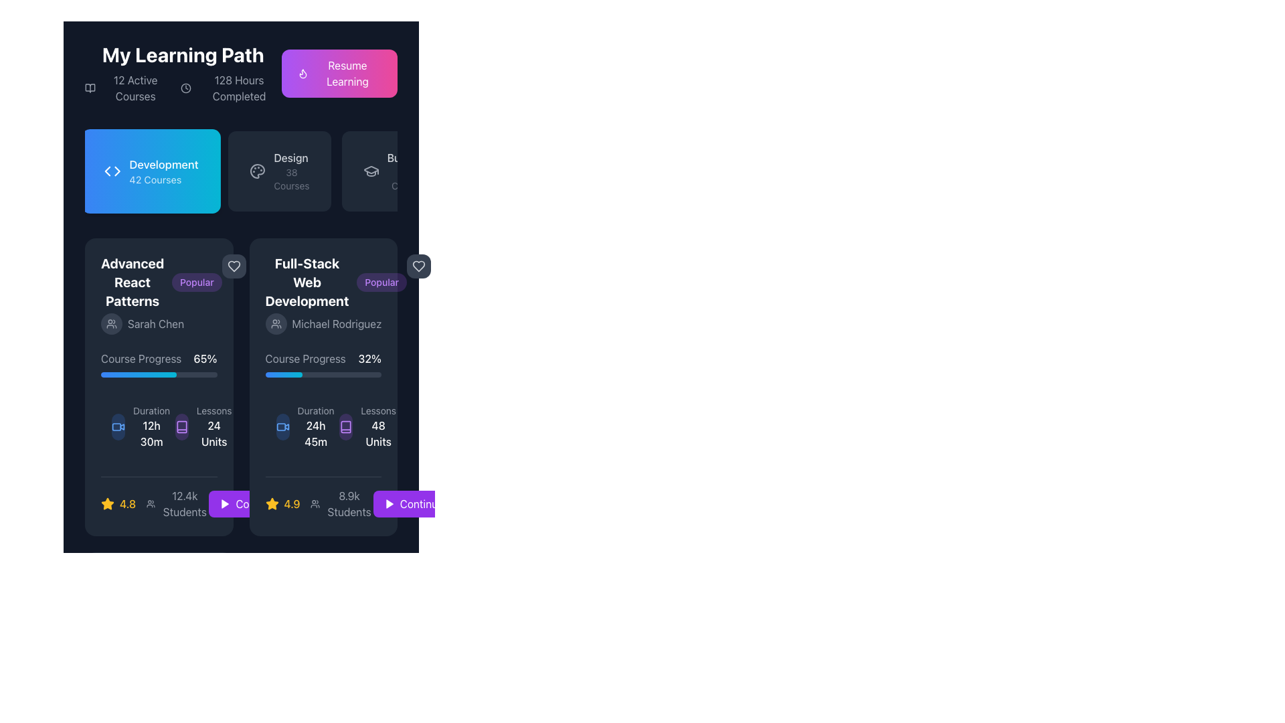 Image resolution: width=1285 pixels, height=723 pixels. Describe the element at coordinates (377, 434) in the screenshot. I see `the '48 Units' text label indicating the total number of lessons available in the 'Full-Stack Web Development' course, located in the 'Lessons 48 Units' section of the card` at that location.